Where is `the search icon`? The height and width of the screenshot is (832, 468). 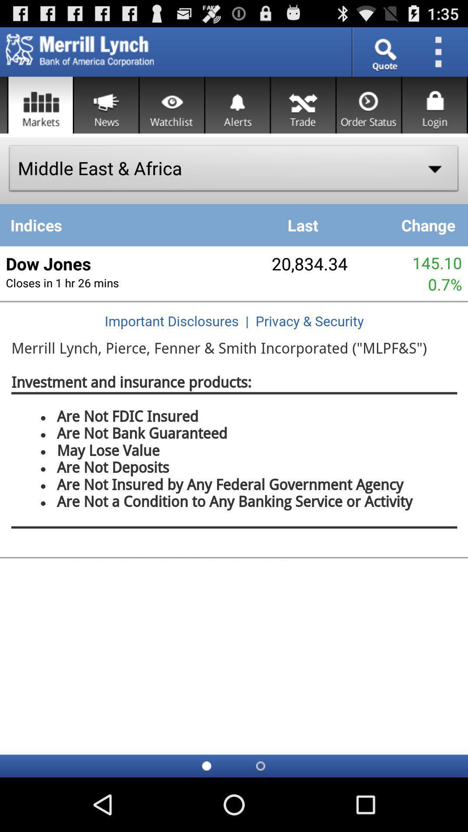
the search icon is located at coordinates (383, 55).